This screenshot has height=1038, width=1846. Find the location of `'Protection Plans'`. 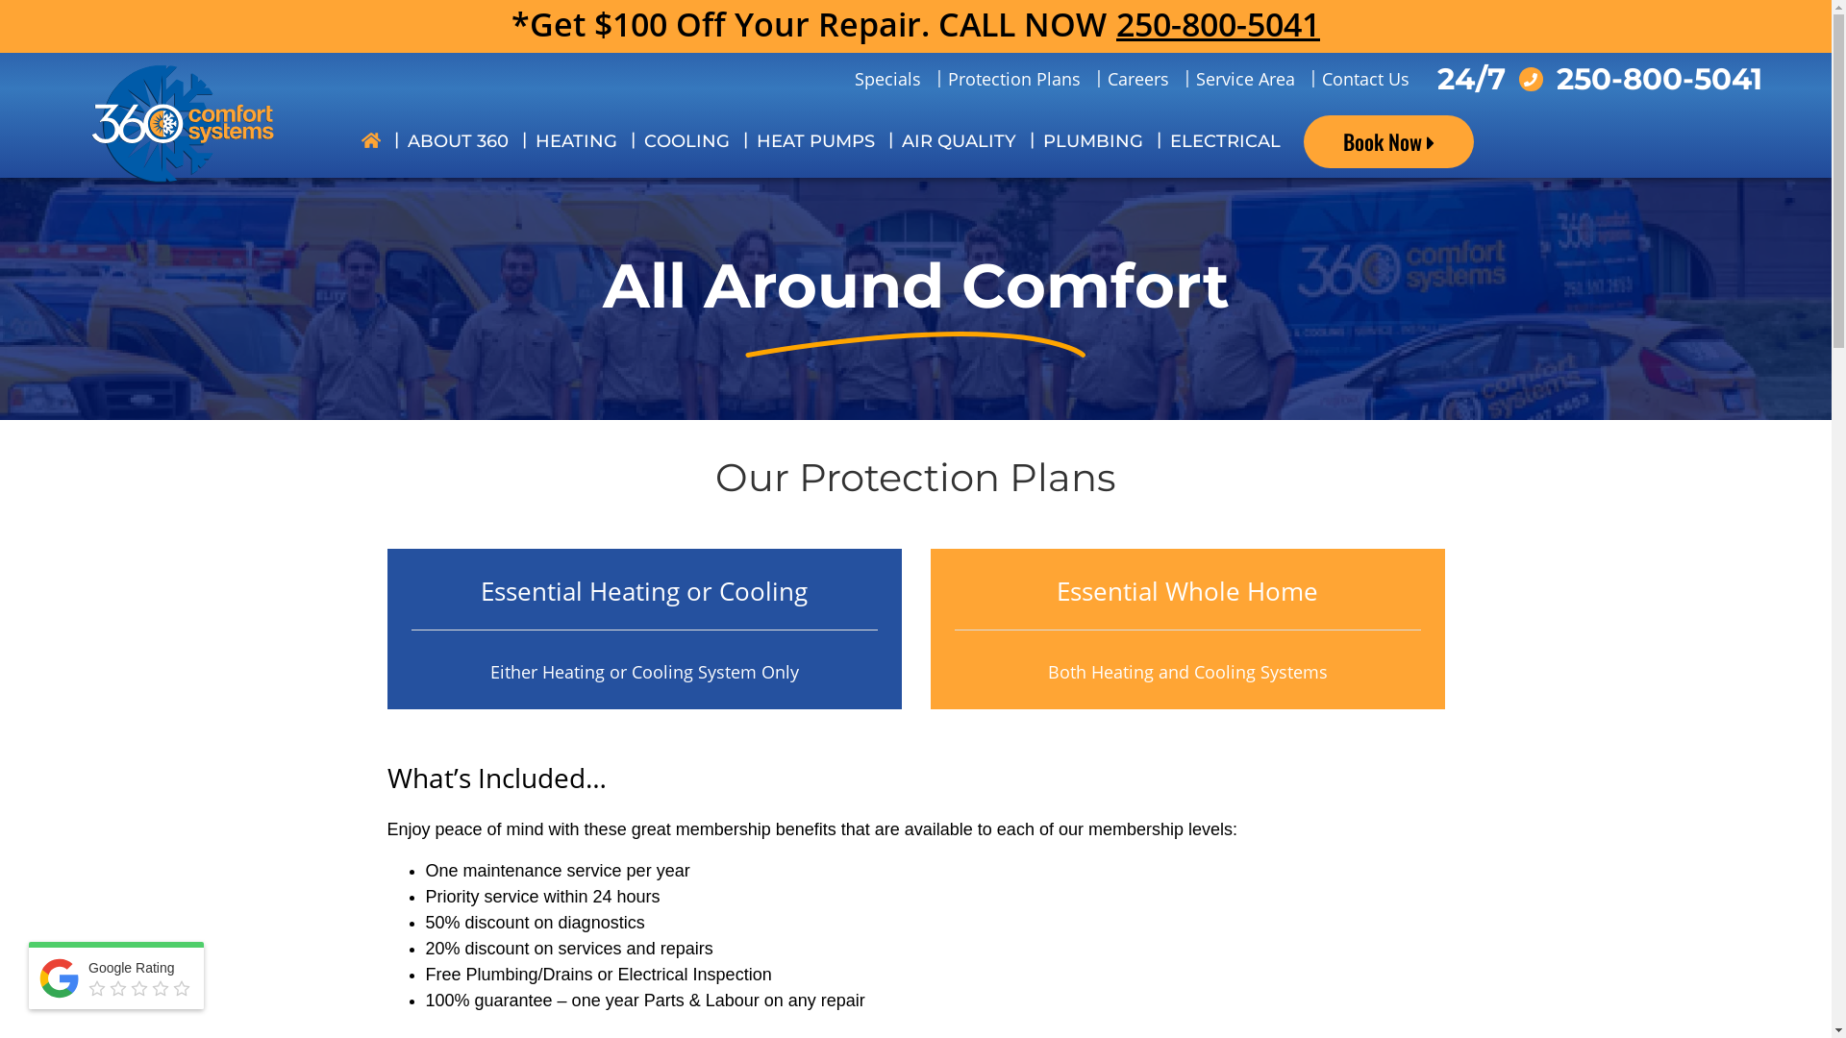

'Protection Plans' is located at coordinates (1013, 78).